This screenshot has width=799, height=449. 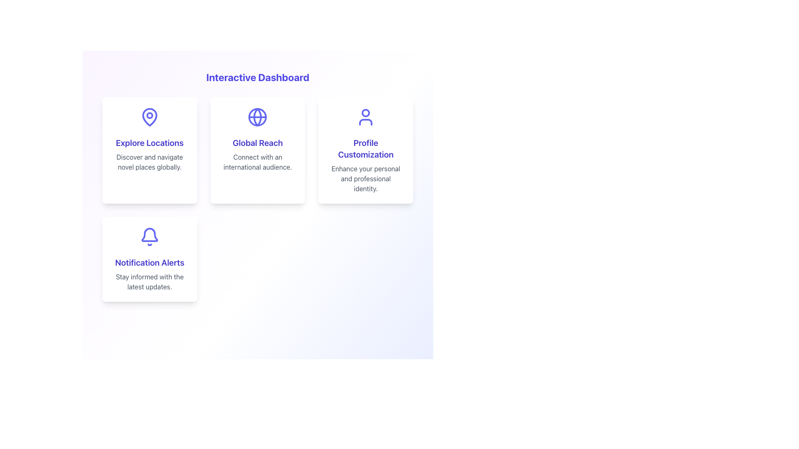 I want to click on the circular decorative icon part of the location marker icon located above the 'Explore Locations' text in the first card of the top row, so click(x=149, y=115).